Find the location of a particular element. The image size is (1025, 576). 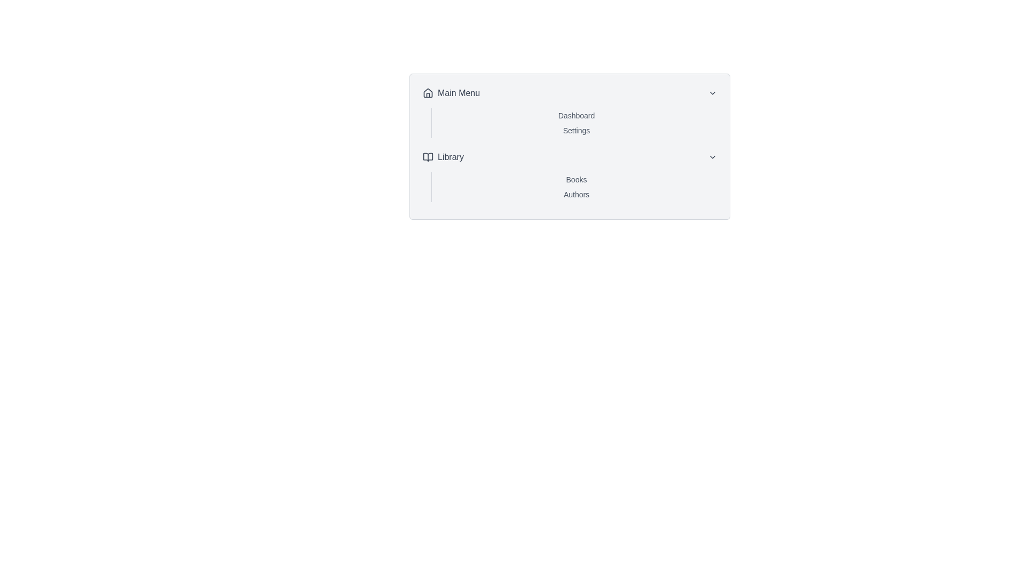

the decorative icon representing the 'Main Menu' section located in the upper-left corner of the menu box next to the text 'Main Menu' is located at coordinates (428, 92).